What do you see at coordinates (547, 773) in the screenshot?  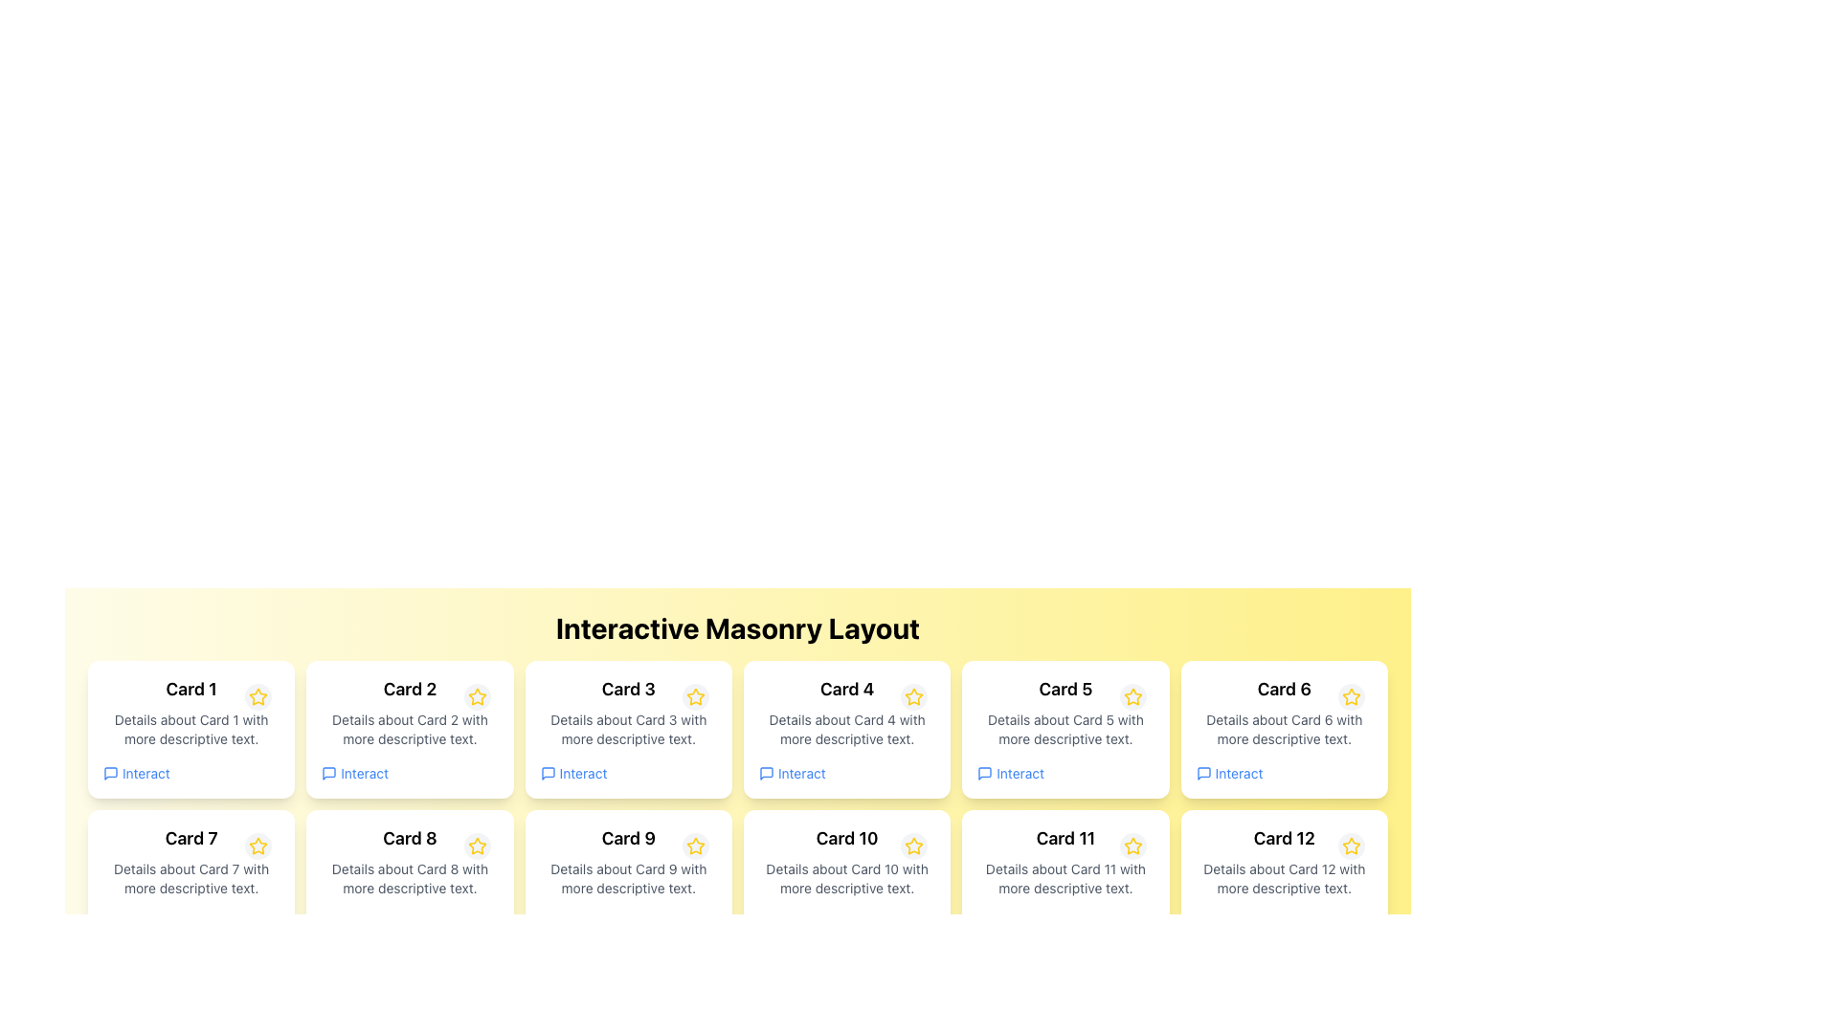 I see `the interaction icon located in 'Card 3', beneath the main text description and adjacent to the 'Interact' text` at bounding box center [547, 773].